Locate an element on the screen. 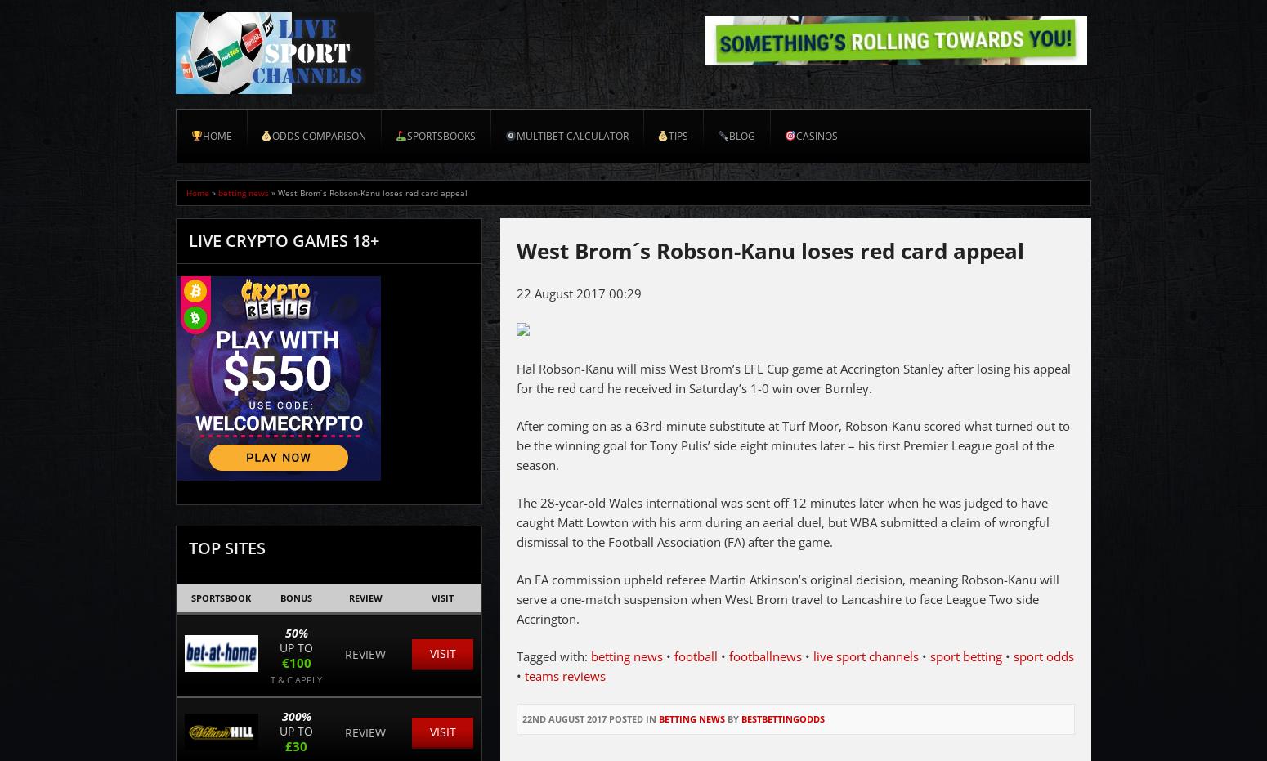  'An FA commission upheld referee Martin Atkinson’s original decision, meaning Robson-Kanu will serve a one-match suspension when West Brom travel to Lancashire to face League Two side Accrington.' is located at coordinates (786, 598).